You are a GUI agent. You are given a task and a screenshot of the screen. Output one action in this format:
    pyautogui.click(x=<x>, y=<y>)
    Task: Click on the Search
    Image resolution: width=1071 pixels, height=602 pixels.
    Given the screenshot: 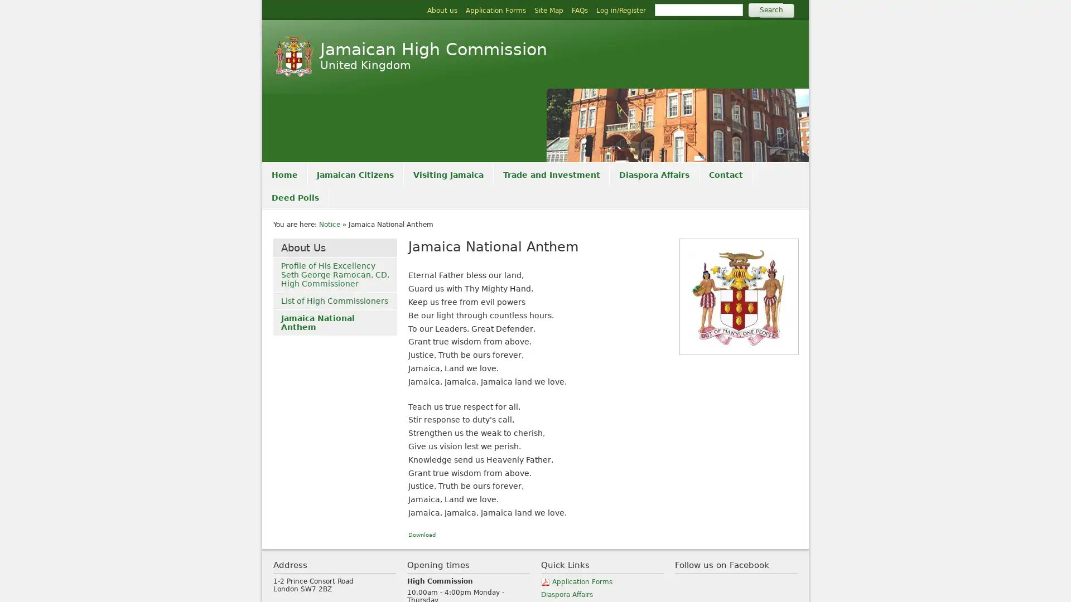 What is the action you would take?
    pyautogui.click(x=770, y=11)
    